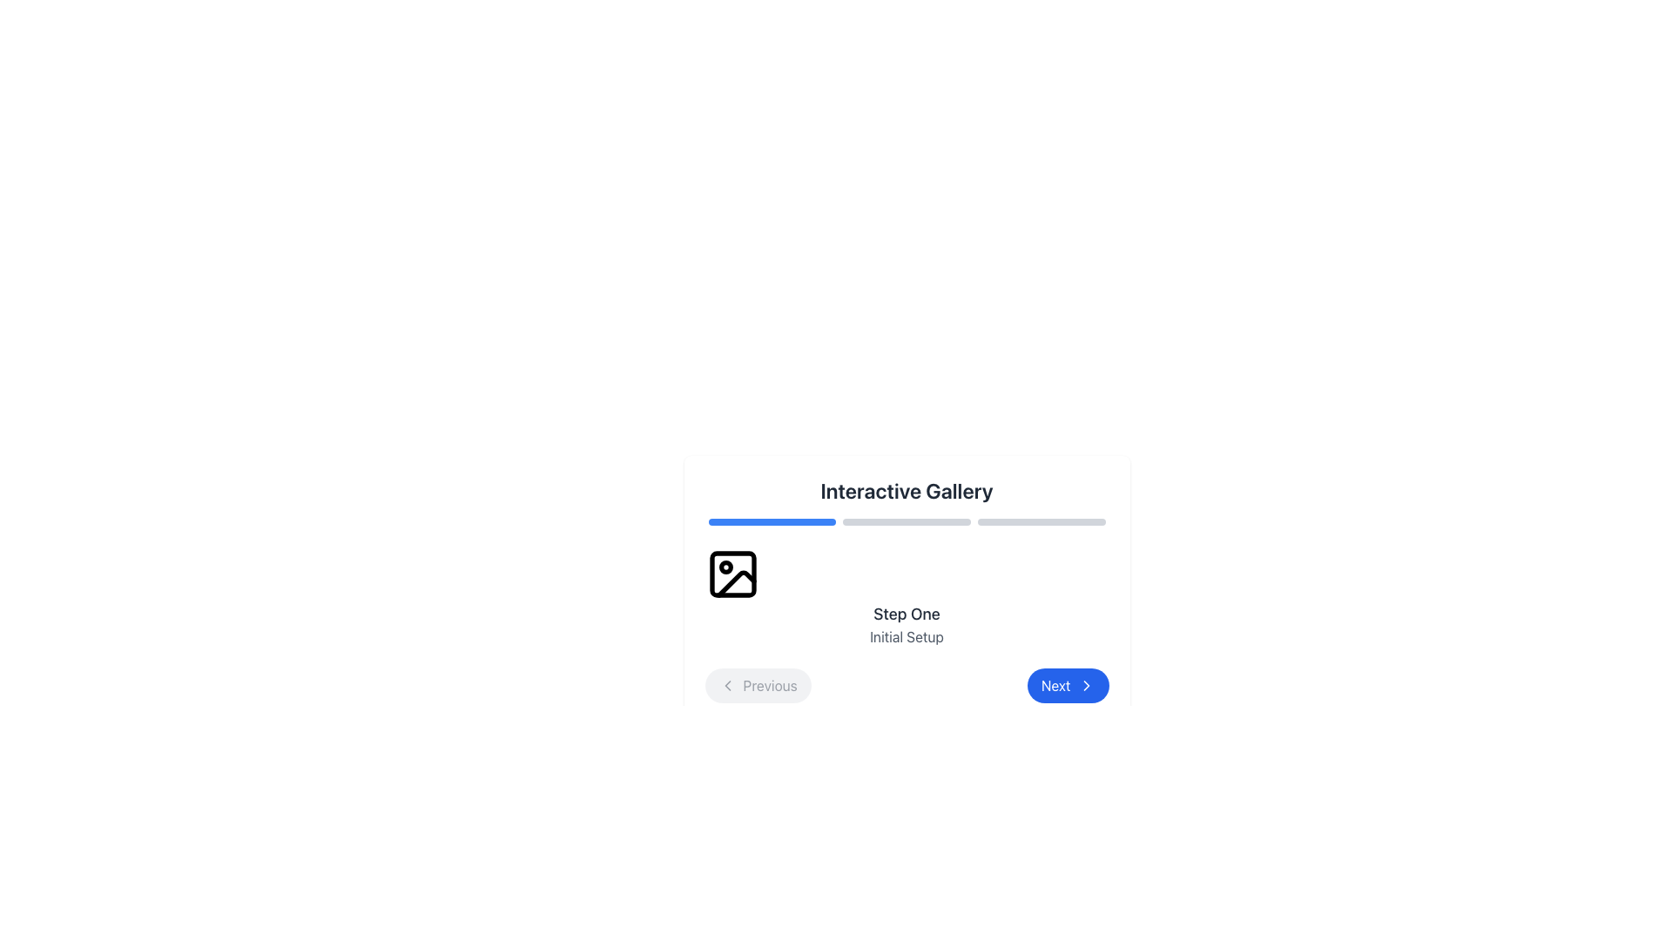  What do you see at coordinates (906, 596) in the screenshot?
I see `the displayed text of the element that includes a bold 'Step One' and a smaller 'Initial Setup' text, which is visually prominent and located below a progress bar and above navigation buttons` at bounding box center [906, 596].